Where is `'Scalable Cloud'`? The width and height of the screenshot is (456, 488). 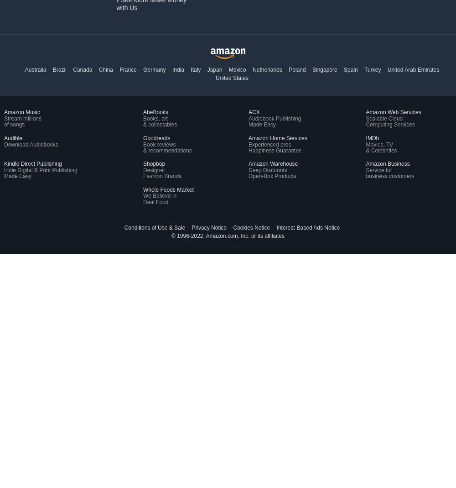
'Scalable Cloud' is located at coordinates (366, 118).